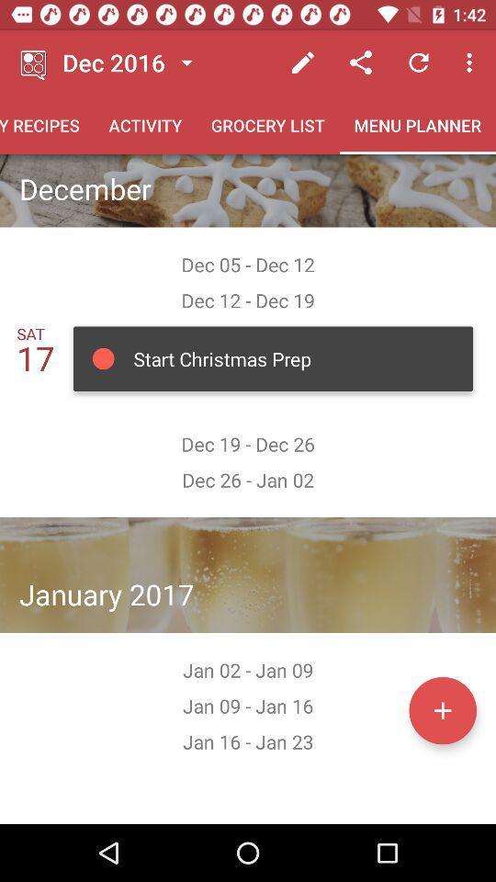 The image size is (496, 882). What do you see at coordinates (303, 62) in the screenshot?
I see `edit icon` at bounding box center [303, 62].